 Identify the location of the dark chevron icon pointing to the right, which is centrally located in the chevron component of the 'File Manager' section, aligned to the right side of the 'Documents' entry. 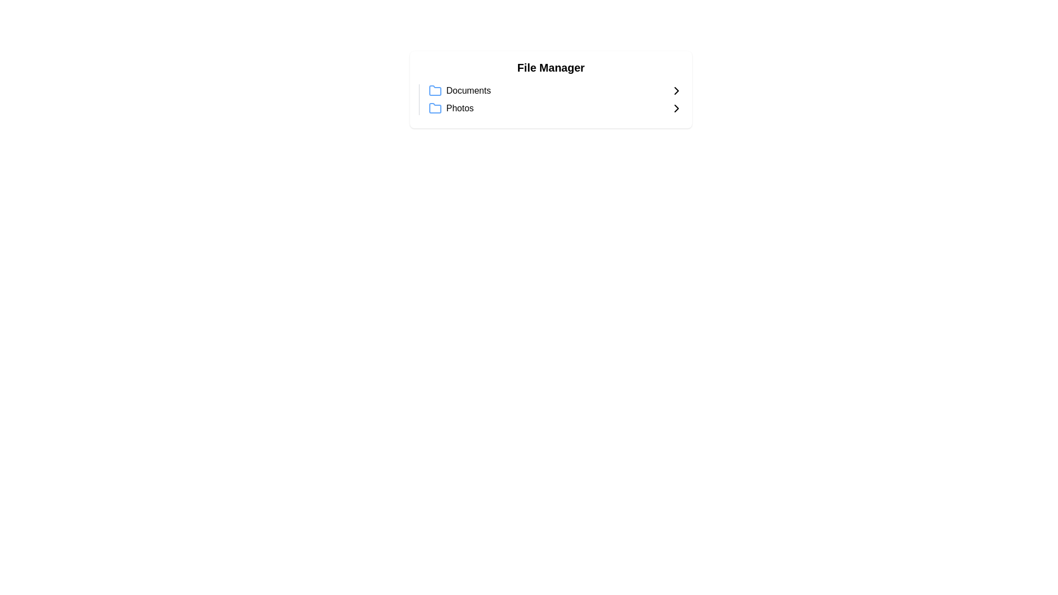
(676, 90).